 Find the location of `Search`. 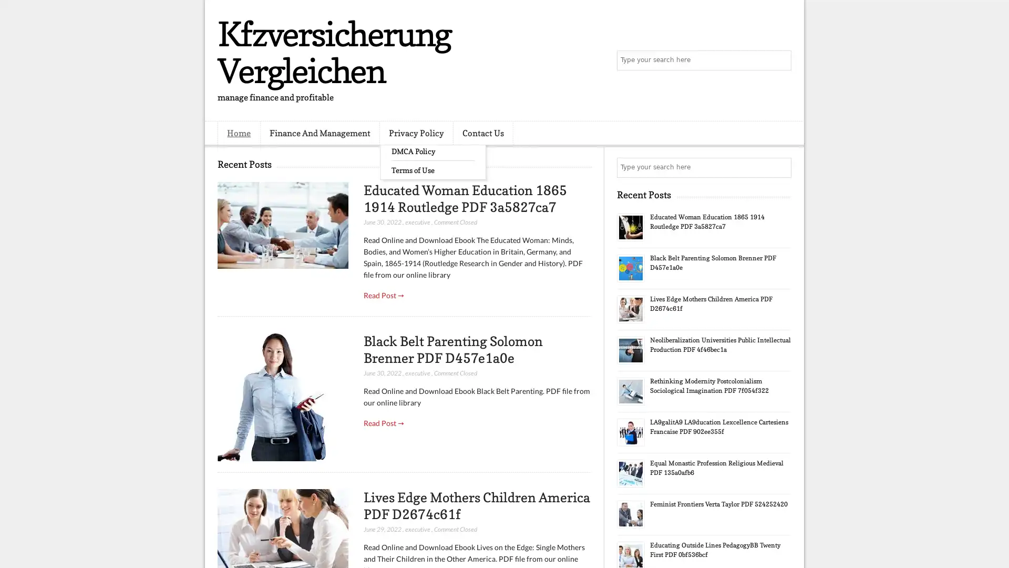

Search is located at coordinates (780, 167).